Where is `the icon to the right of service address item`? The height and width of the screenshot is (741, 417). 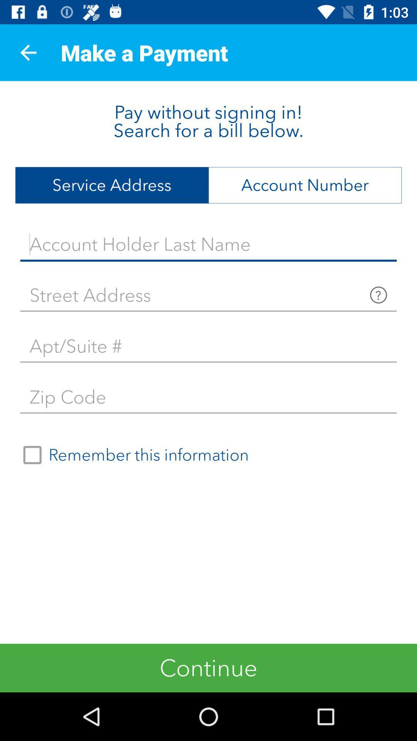 the icon to the right of service address item is located at coordinates (305, 185).